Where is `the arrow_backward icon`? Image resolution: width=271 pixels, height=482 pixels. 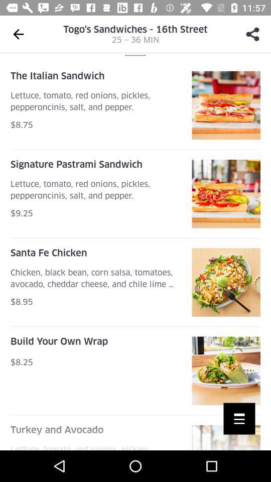
the arrow_backward icon is located at coordinates (18, 34).